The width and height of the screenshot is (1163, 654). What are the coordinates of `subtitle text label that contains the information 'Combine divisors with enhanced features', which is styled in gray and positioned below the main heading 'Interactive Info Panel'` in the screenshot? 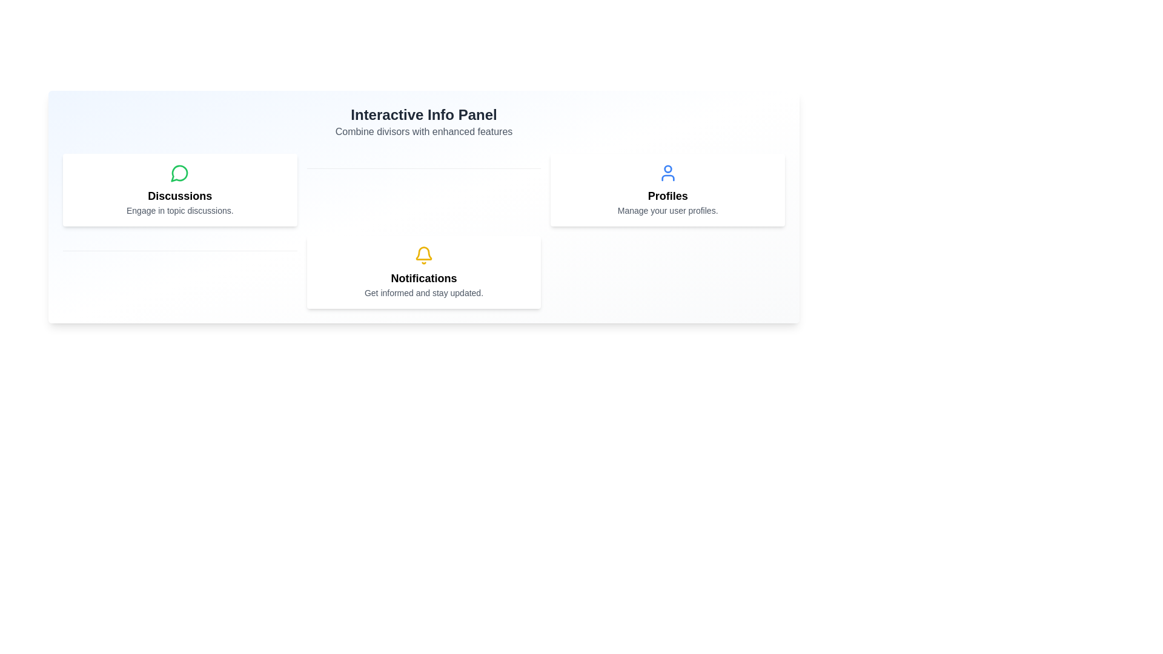 It's located at (424, 132).